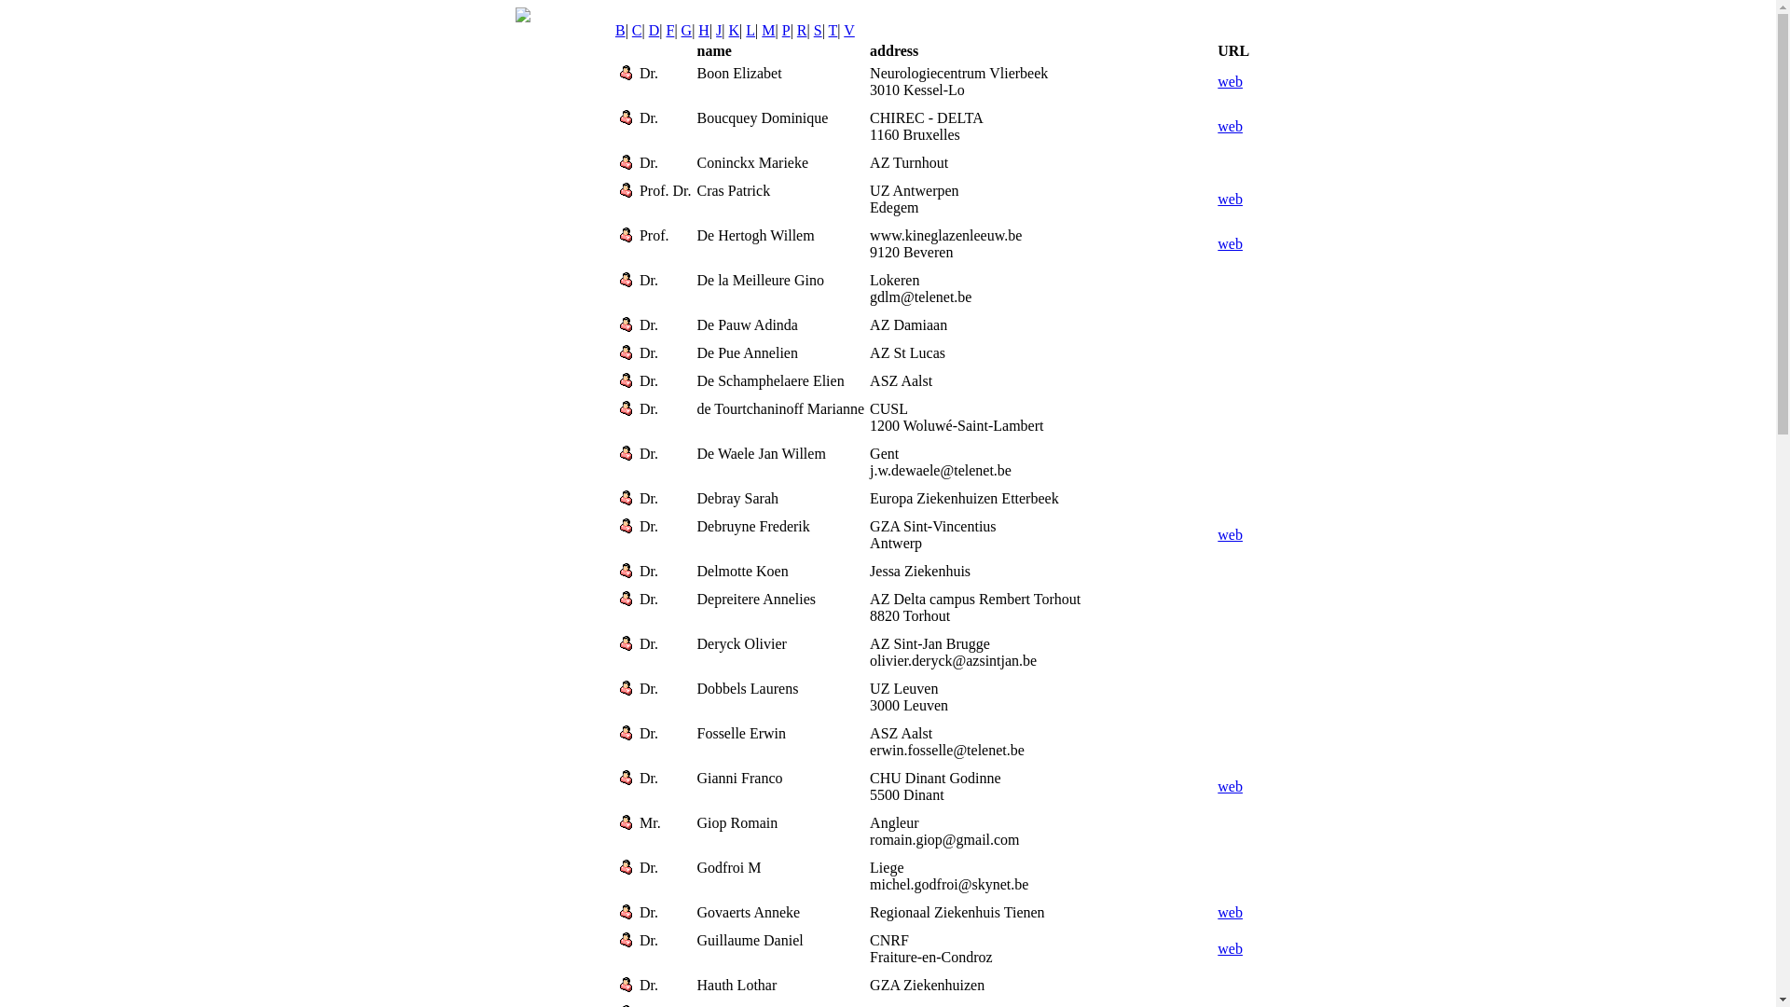 The width and height of the screenshot is (1790, 1007). I want to click on 'web', so click(1230, 786).